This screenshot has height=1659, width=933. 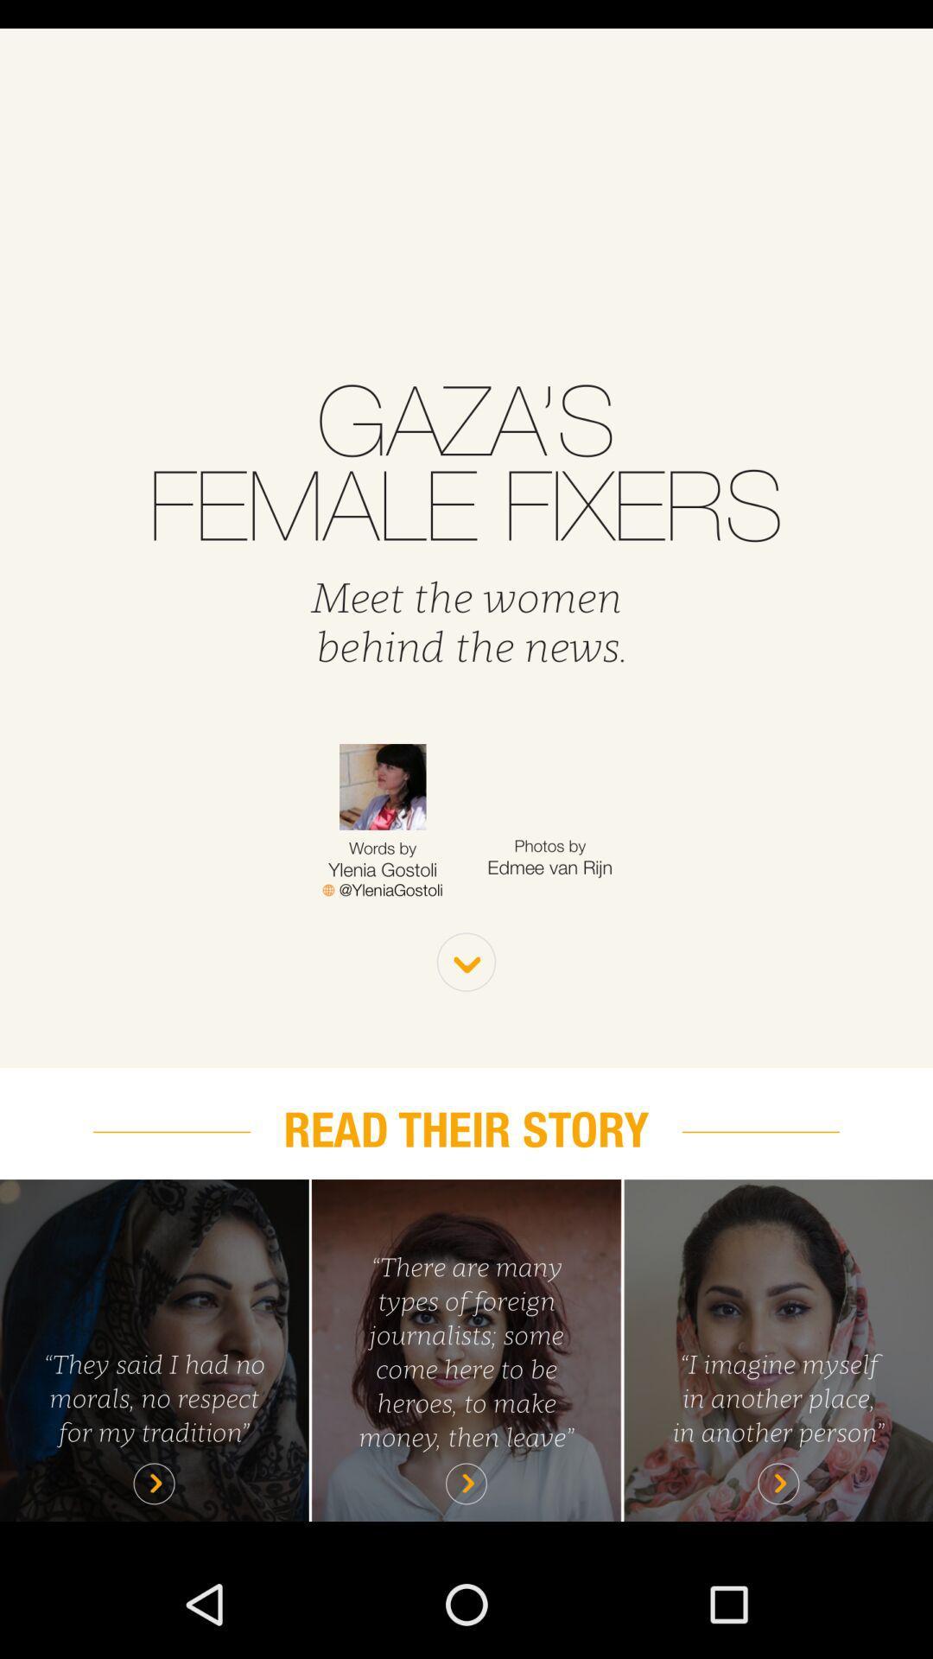 What do you see at coordinates (153, 1349) in the screenshot?
I see `play story` at bounding box center [153, 1349].